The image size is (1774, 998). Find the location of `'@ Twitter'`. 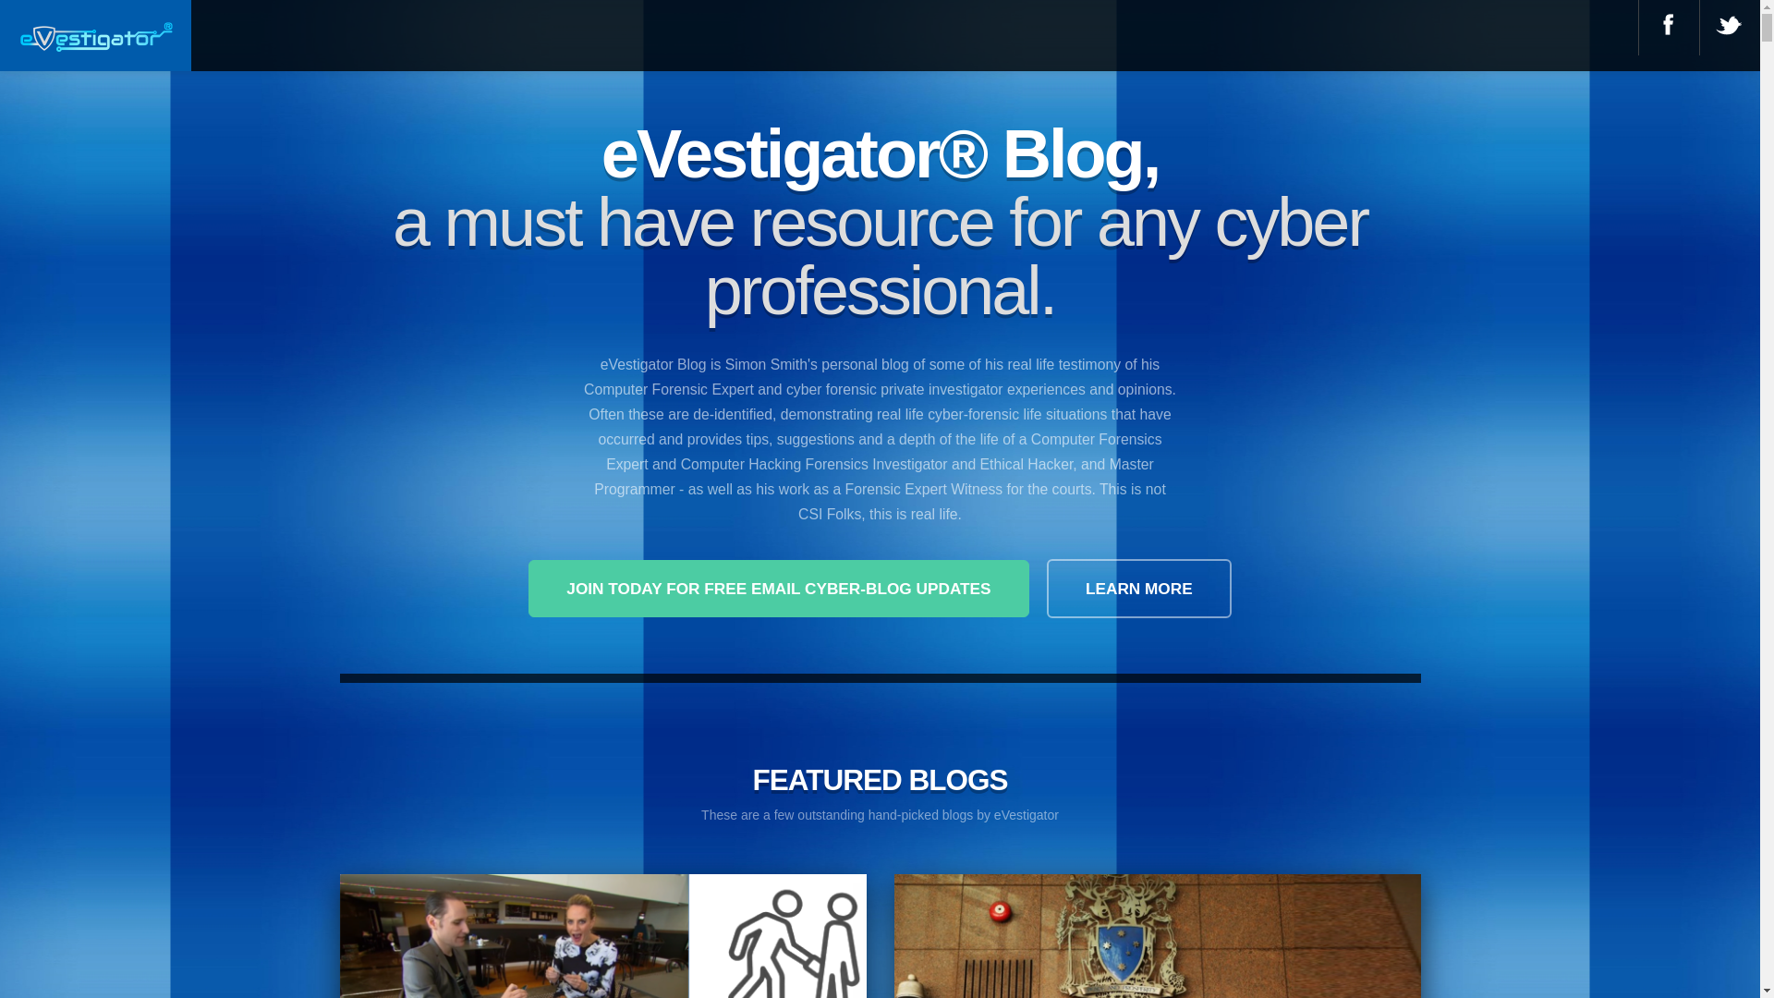

'@ Twitter' is located at coordinates (1724, 24).